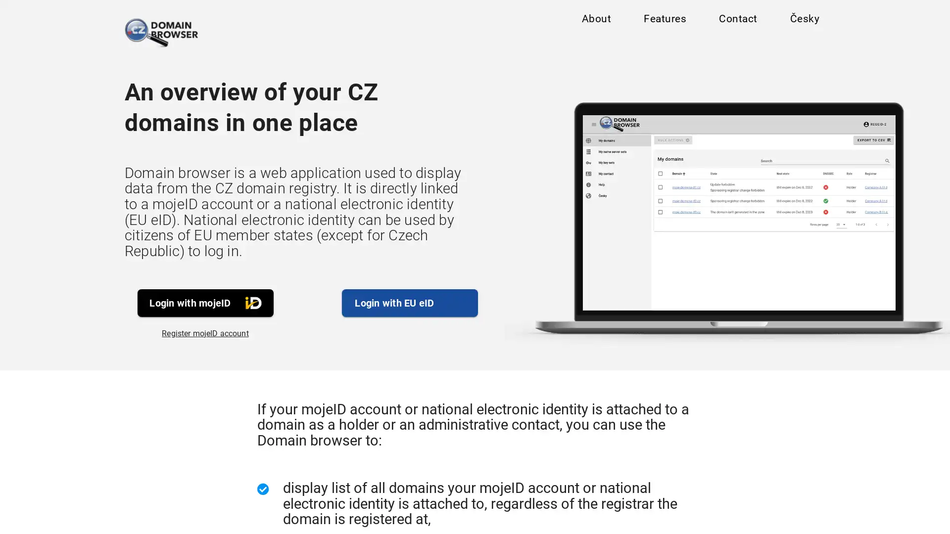 This screenshot has width=950, height=534. I want to click on Features, so click(665, 21).